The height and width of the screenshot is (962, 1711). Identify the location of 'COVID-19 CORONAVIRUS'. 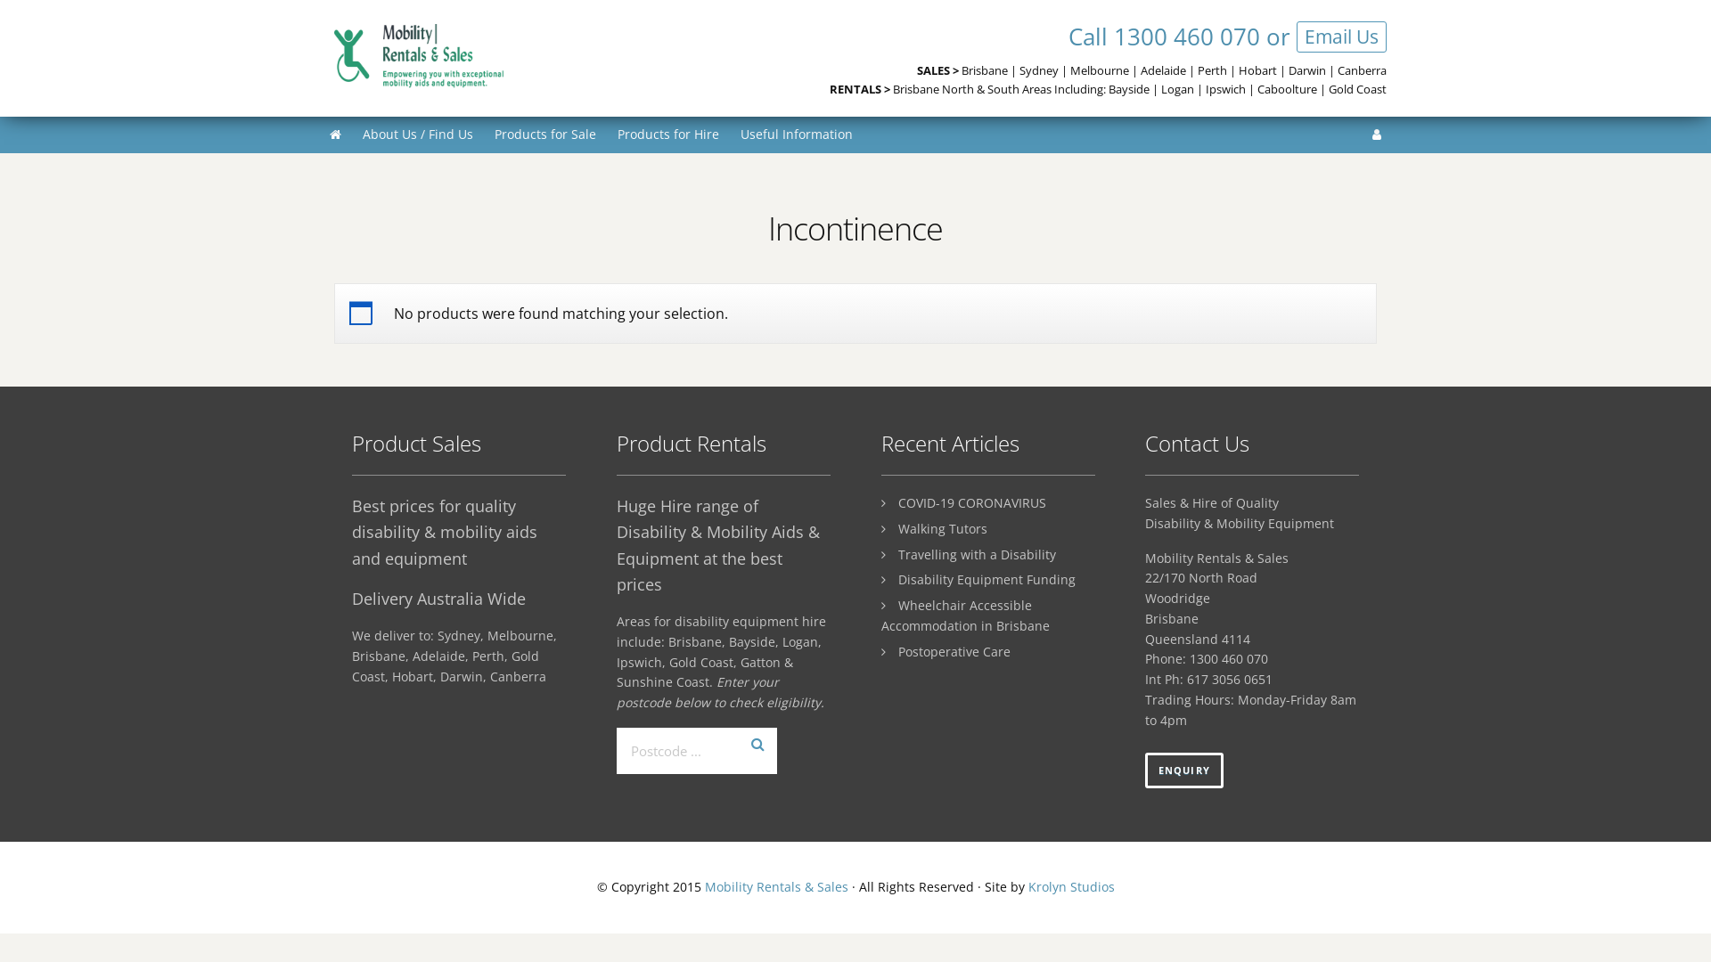
(898, 502).